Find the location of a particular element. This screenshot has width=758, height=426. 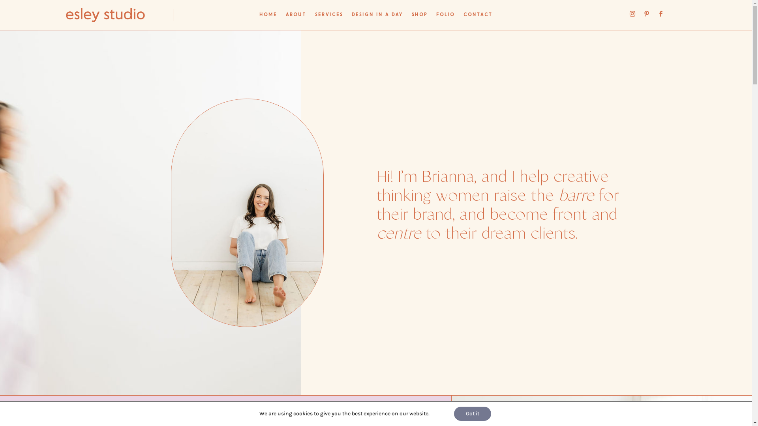

'HOME' is located at coordinates (268, 17).